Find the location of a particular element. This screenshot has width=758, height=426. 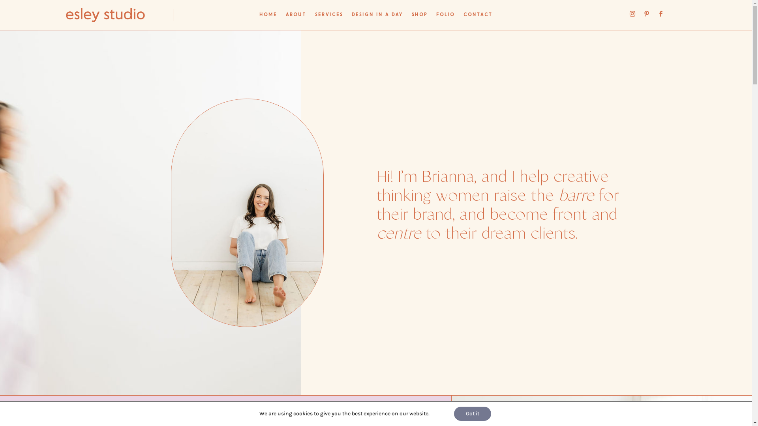

'HOME' is located at coordinates (268, 17).